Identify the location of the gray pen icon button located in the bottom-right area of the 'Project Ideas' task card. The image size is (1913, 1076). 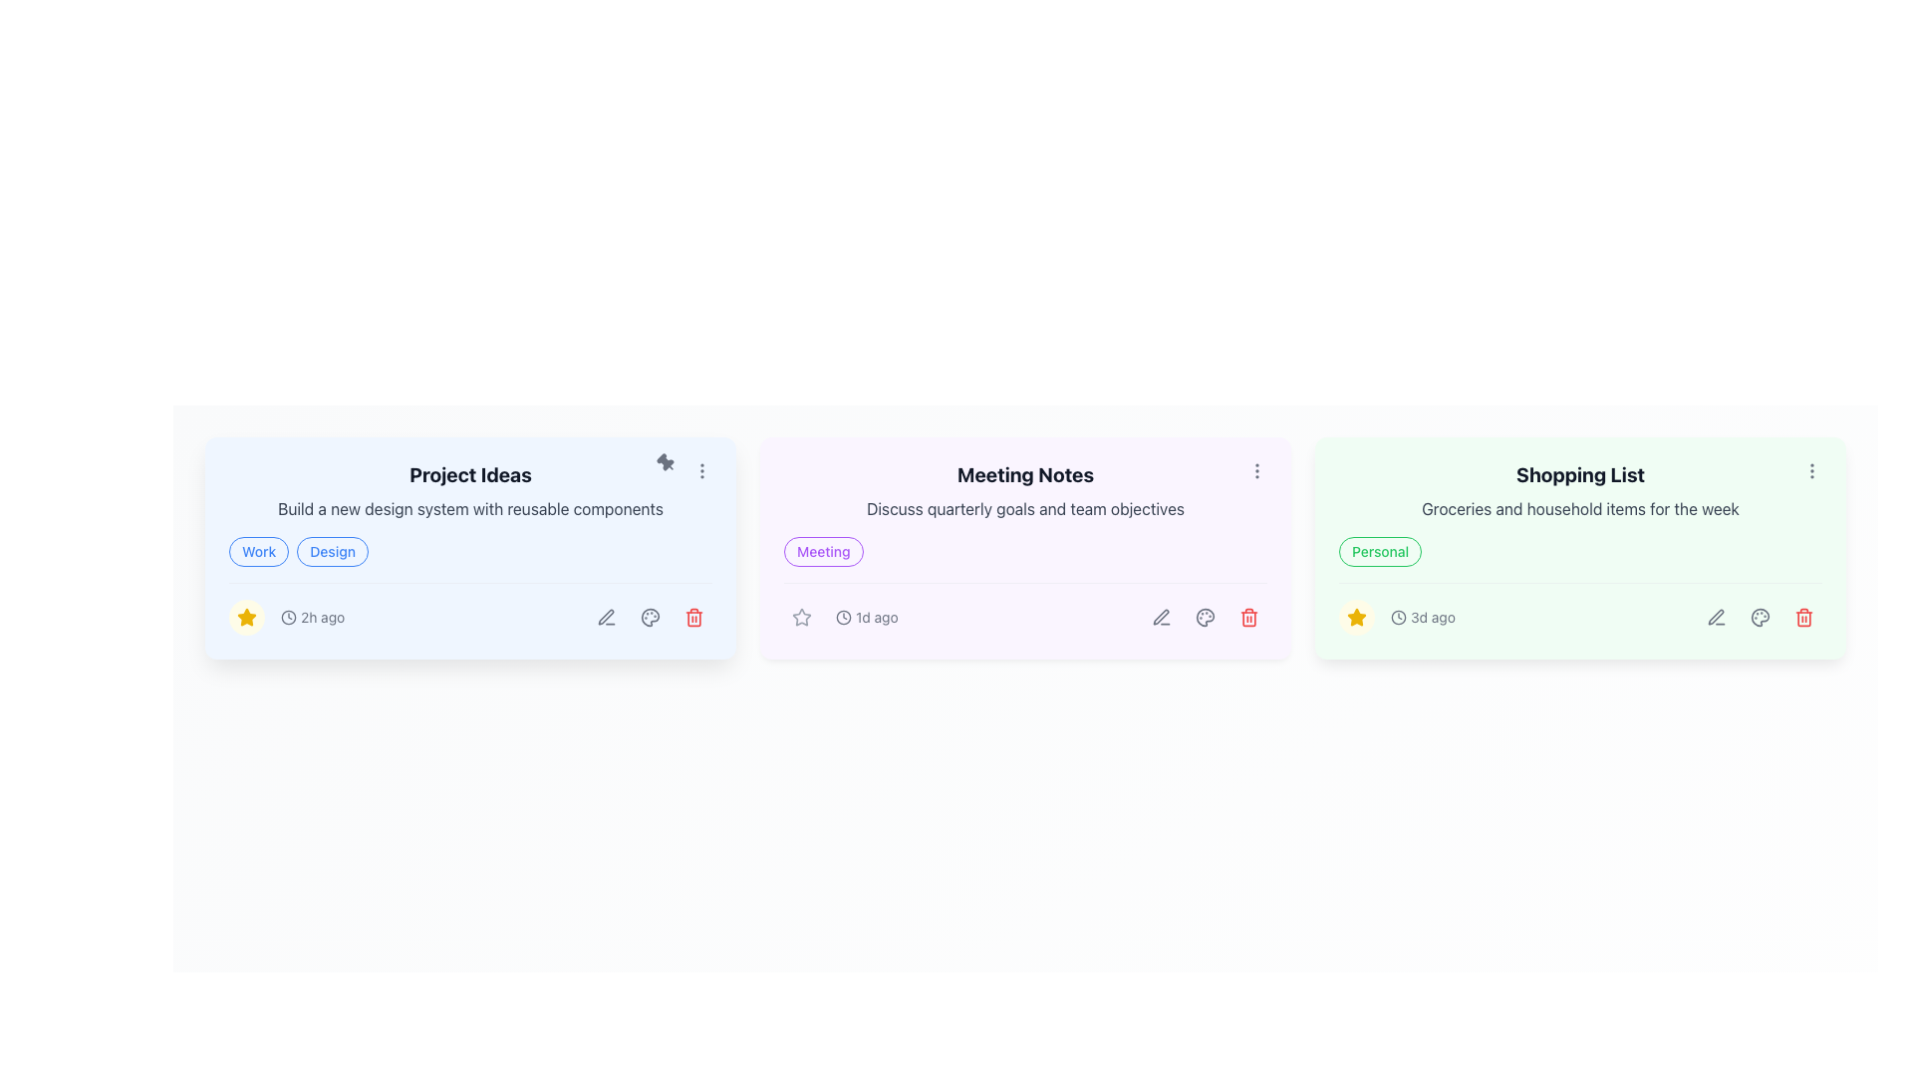
(606, 617).